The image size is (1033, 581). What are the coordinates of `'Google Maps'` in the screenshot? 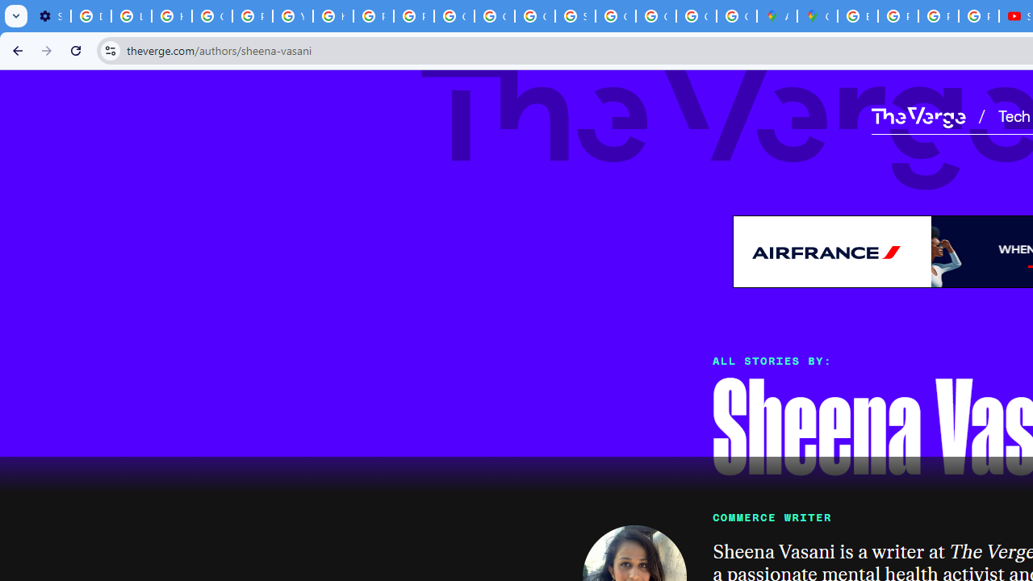 It's located at (818, 16).